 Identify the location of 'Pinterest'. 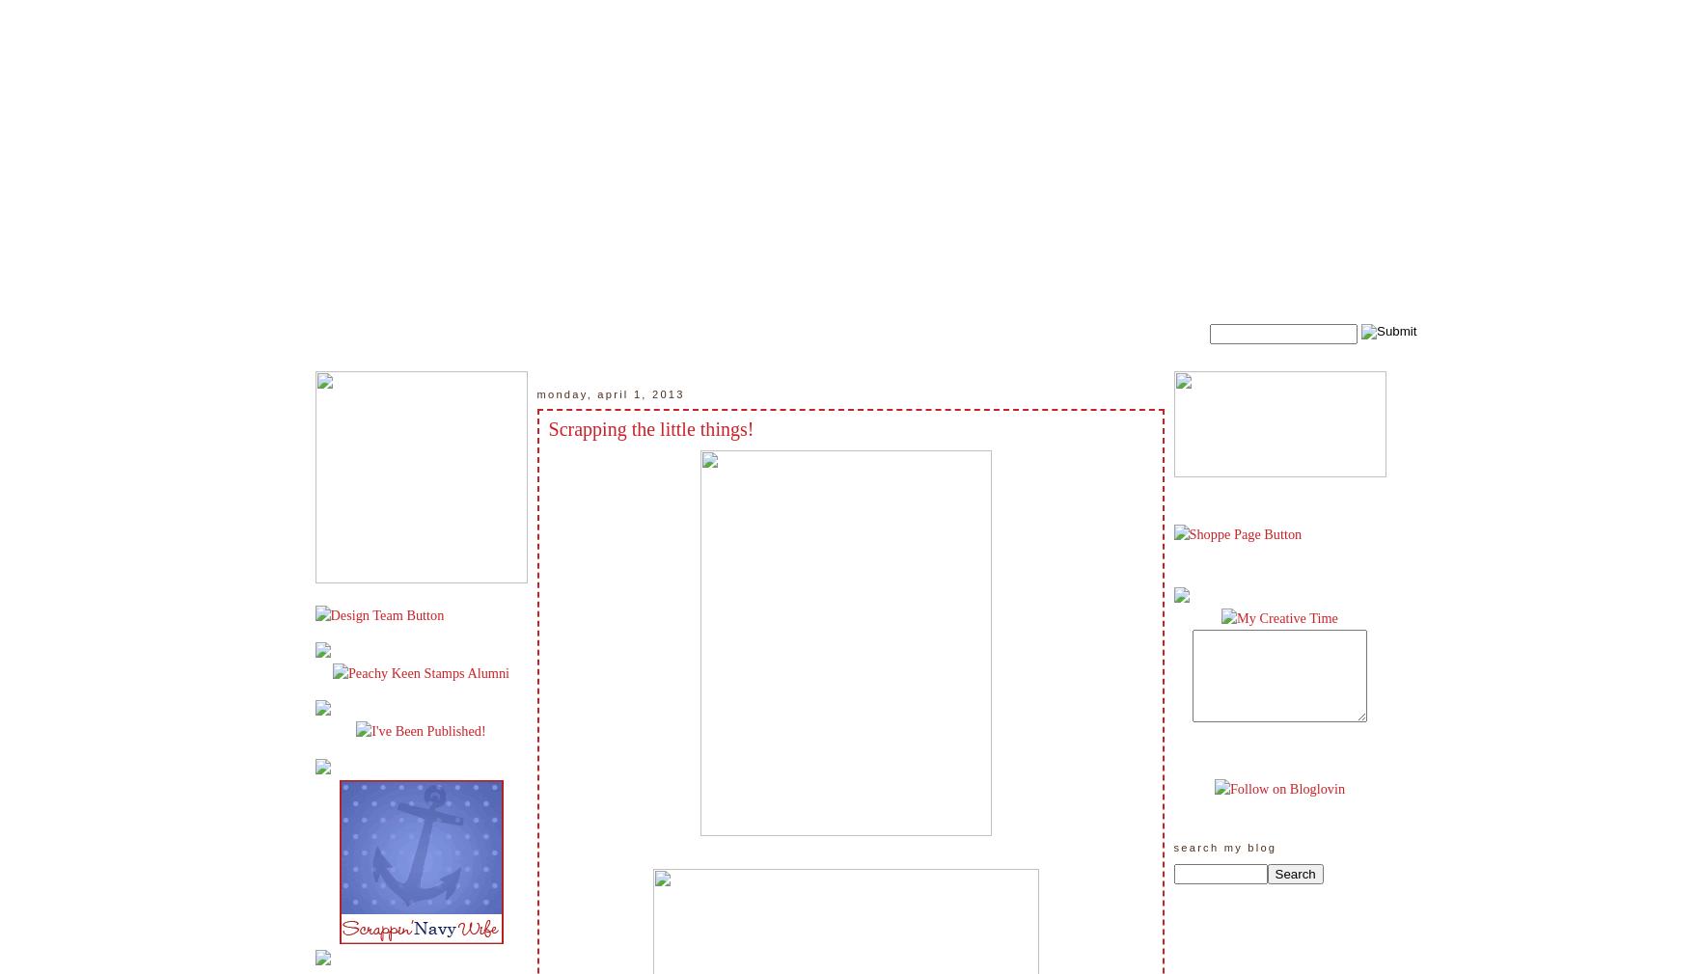
(1215, 10).